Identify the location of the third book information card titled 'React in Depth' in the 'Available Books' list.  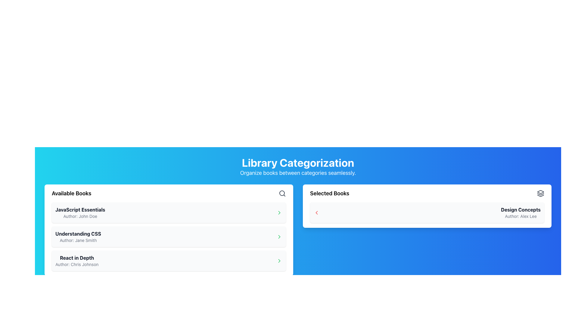
(169, 261).